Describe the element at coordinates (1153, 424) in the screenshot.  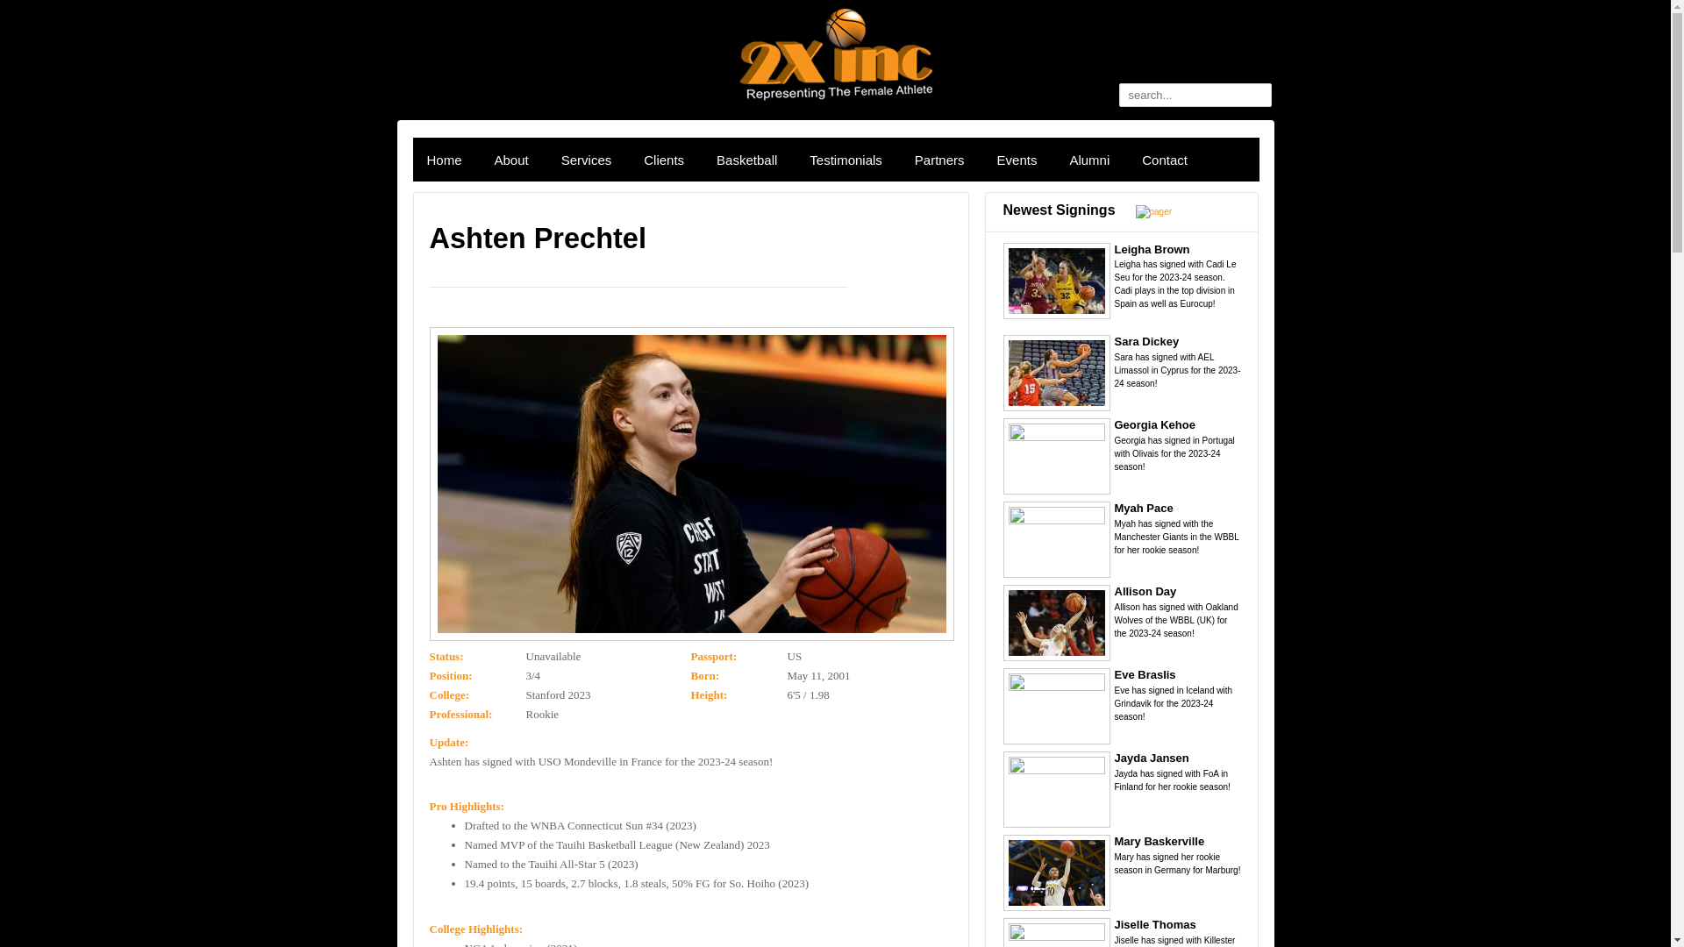
I see `'Georgia Kehoe'` at that location.